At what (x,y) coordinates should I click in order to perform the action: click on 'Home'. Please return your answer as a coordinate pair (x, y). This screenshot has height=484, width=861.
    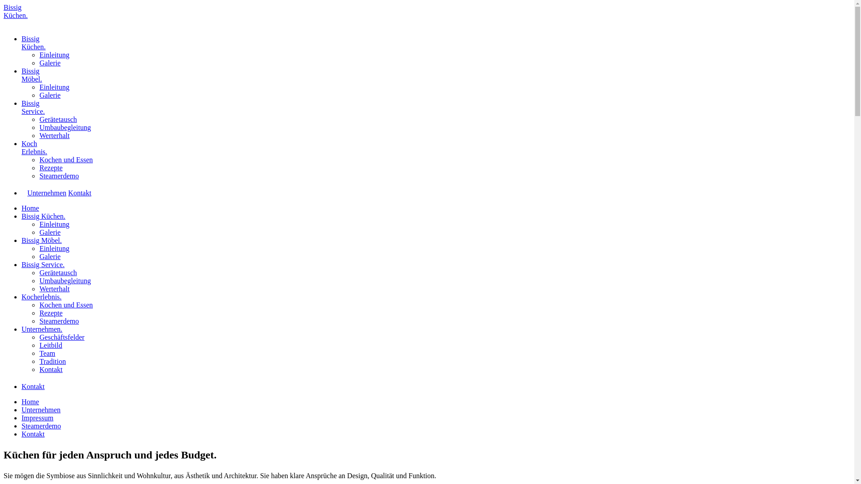
    Looking at the image, I should click on (30, 401).